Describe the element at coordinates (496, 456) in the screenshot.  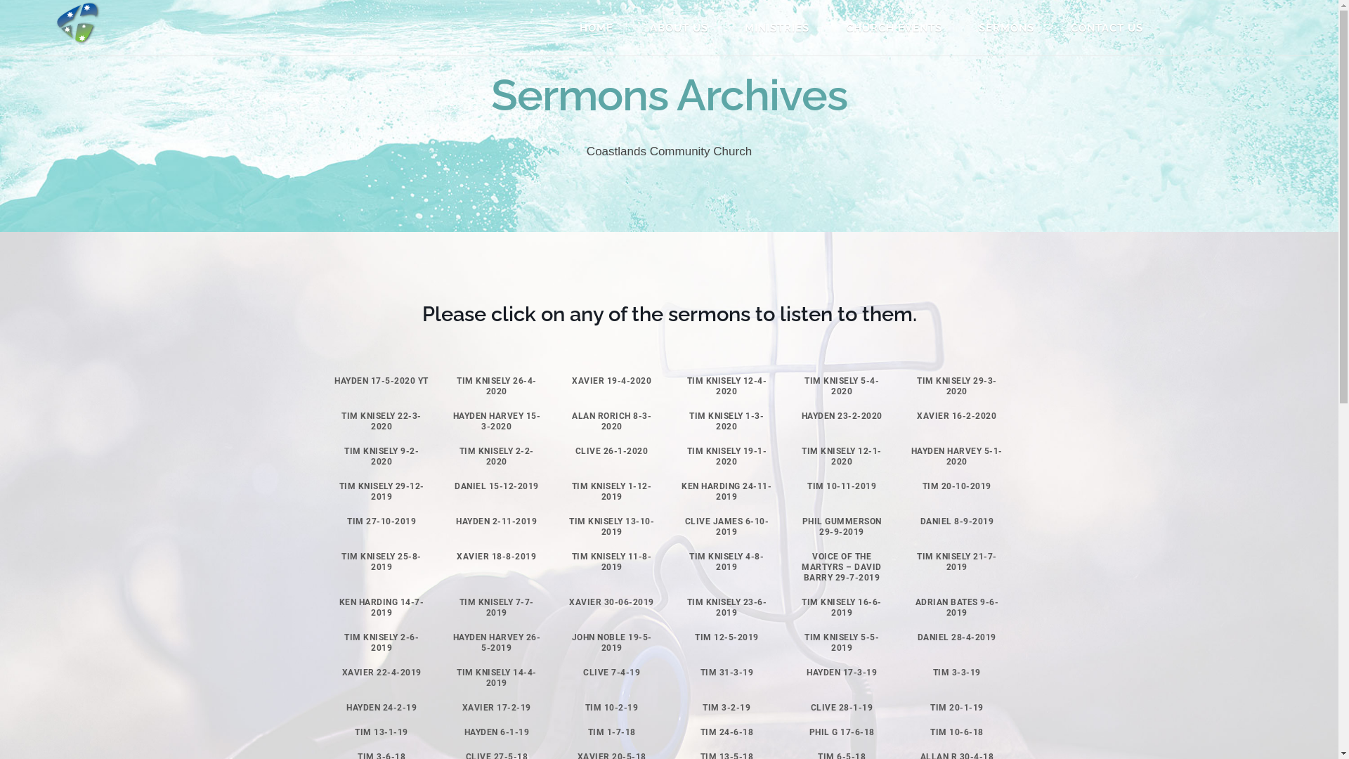
I see `'TIM KNISELY 2-2-2020'` at that location.